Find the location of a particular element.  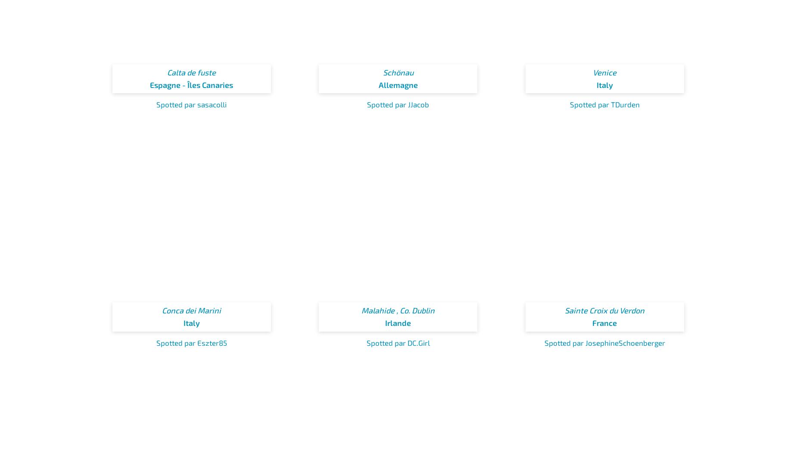

'Espagne - Îles Canaries' is located at coordinates (191, 84).